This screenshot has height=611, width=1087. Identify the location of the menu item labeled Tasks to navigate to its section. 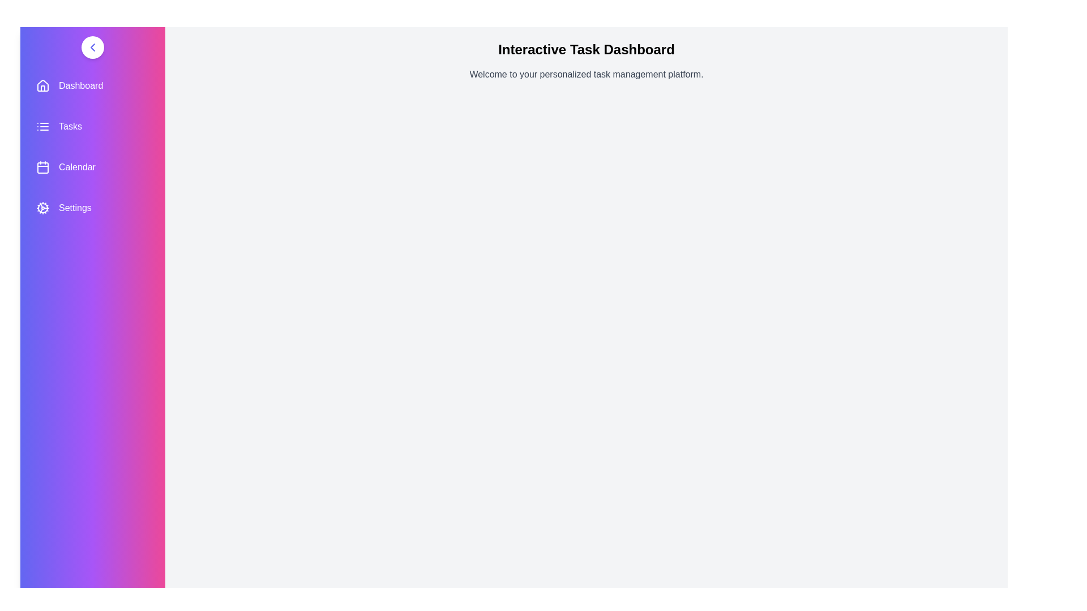
(92, 126).